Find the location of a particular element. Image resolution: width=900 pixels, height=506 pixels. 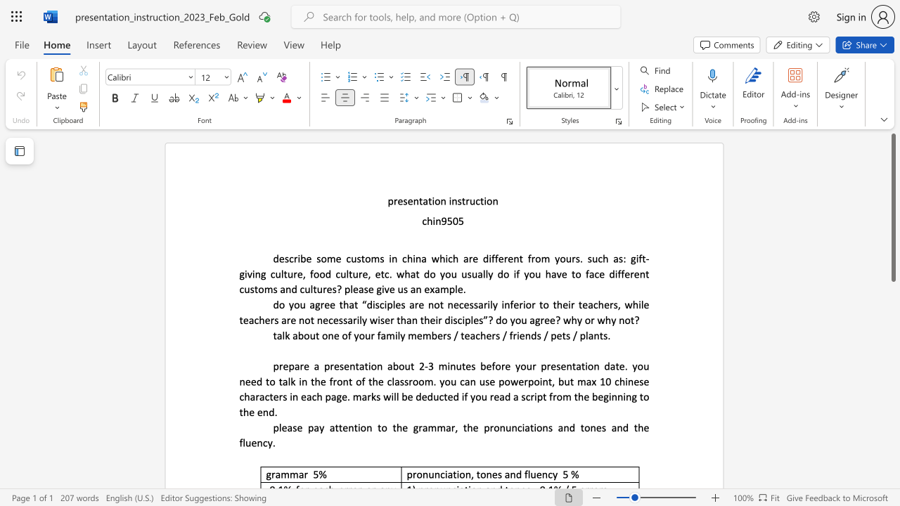

the scrollbar to scroll downward is located at coordinates (892, 330).